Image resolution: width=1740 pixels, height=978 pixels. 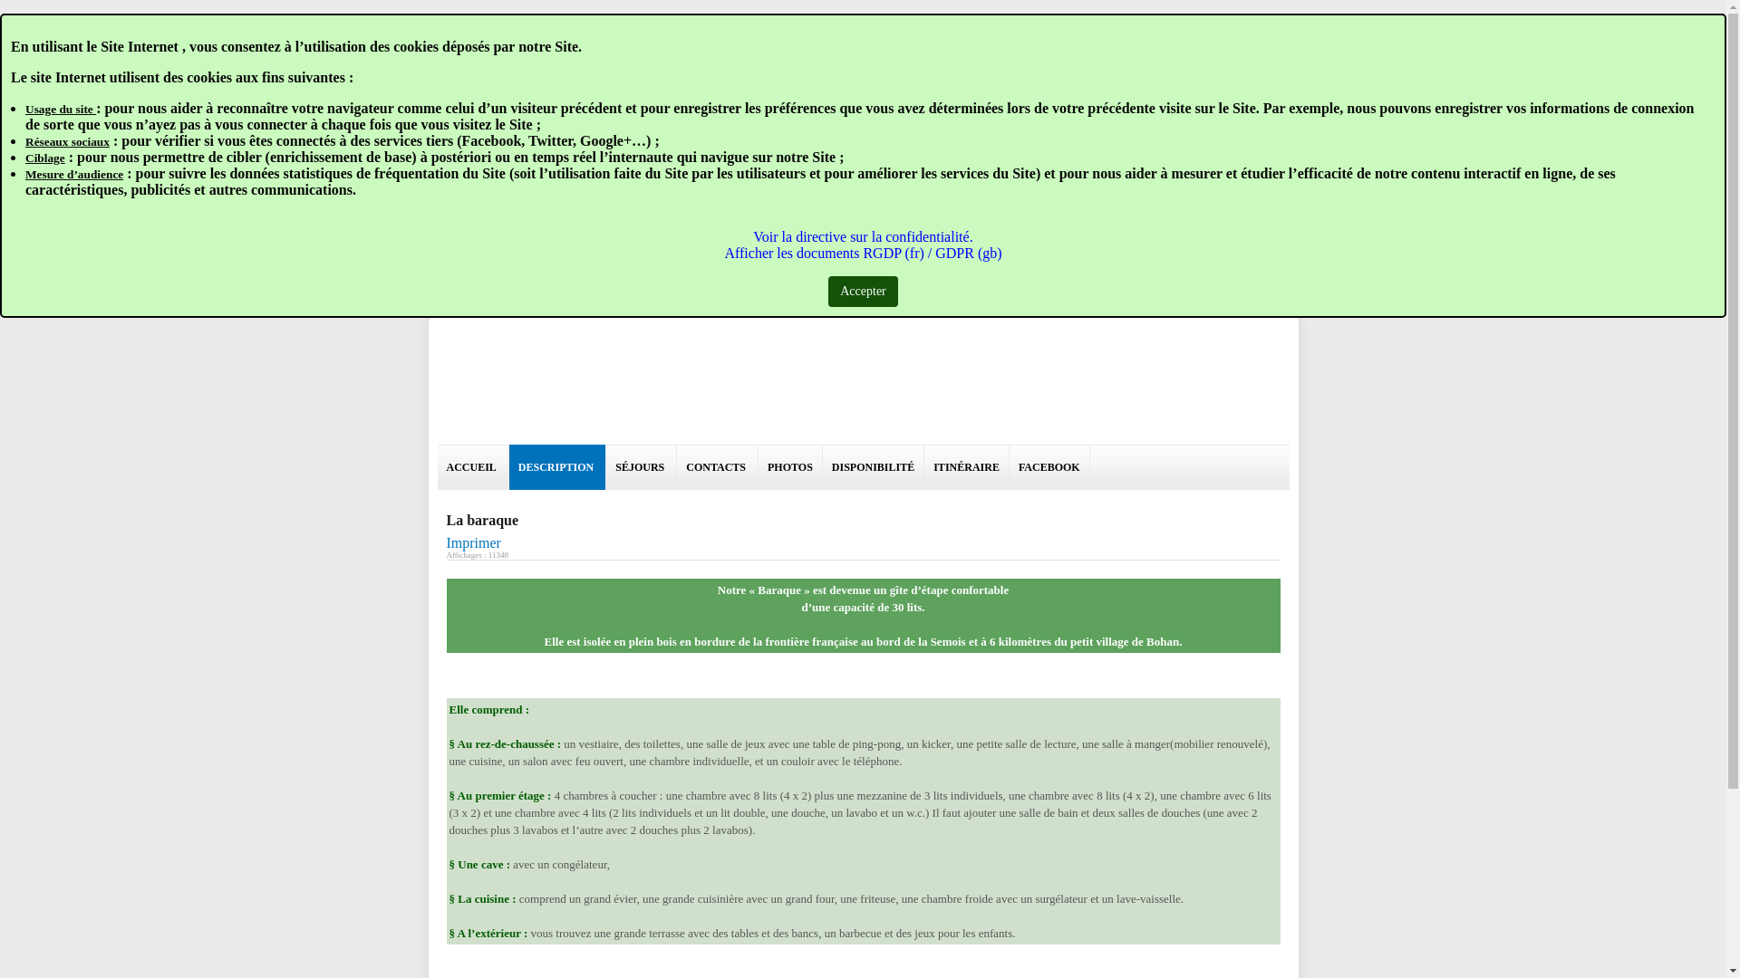 What do you see at coordinates (862, 290) in the screenshot?
I see `'Accepter'` at bounding box center [862, 290].